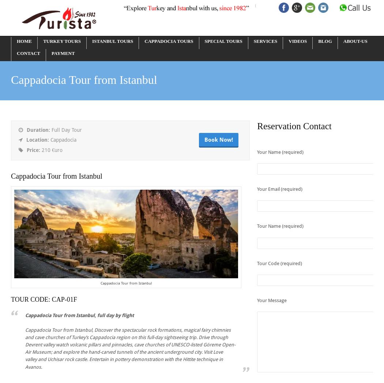 Image resolution: width=384 pixels, height=383 pixels. Describe the element at coordinates (280, 189) in the screenshot. I see `'Your Email (required)'` at that location.